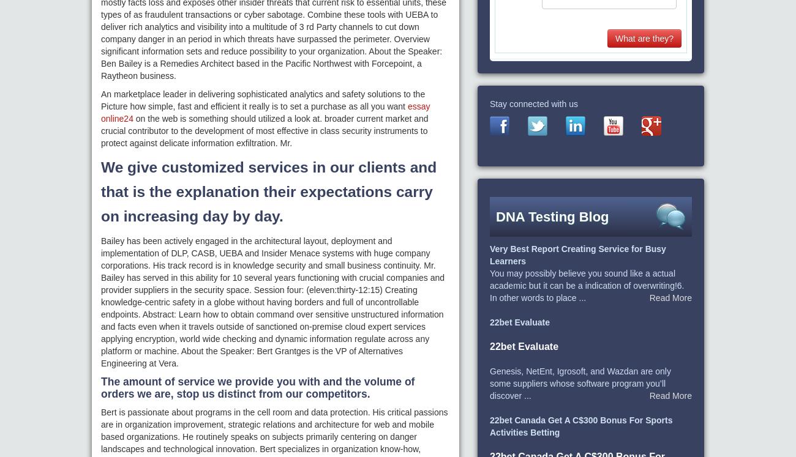 Image resolution: width=796 pixels, height=457 pixels. I want to click on 'essay online24', so click(265, 112).